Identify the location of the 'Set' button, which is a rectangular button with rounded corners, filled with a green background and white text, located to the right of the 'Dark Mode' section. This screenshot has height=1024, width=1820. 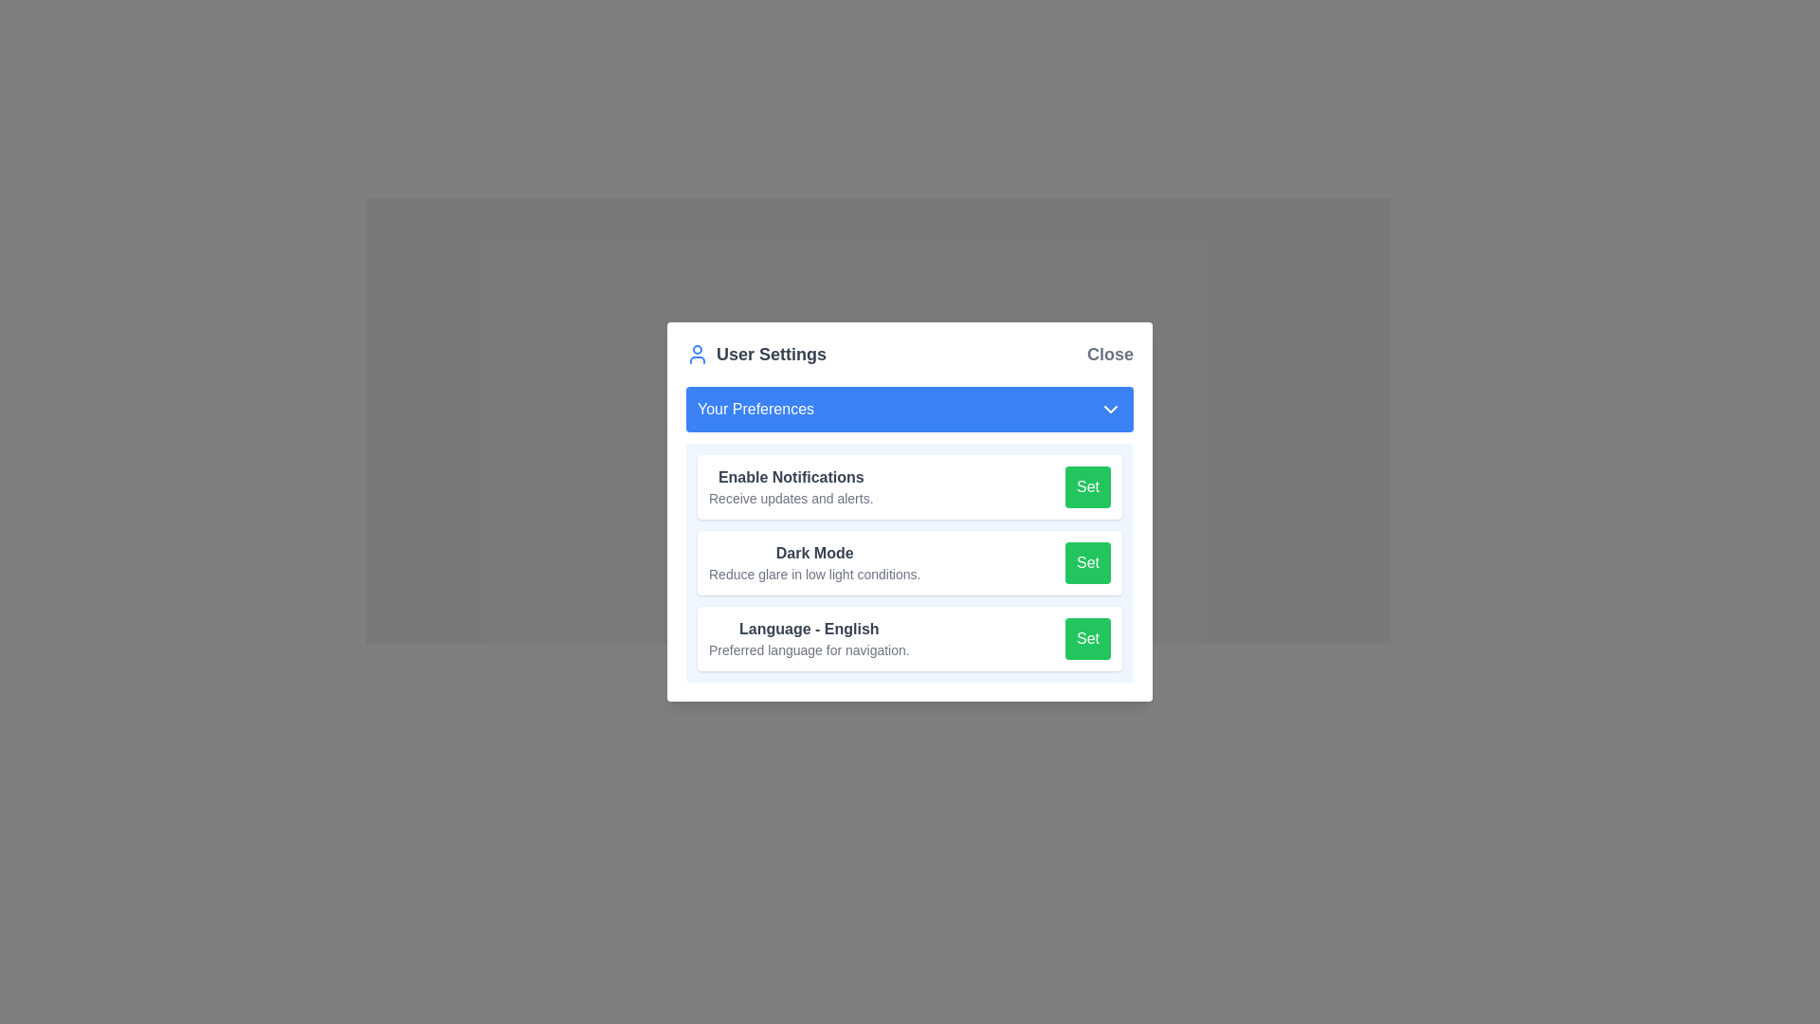
(1087, 562).